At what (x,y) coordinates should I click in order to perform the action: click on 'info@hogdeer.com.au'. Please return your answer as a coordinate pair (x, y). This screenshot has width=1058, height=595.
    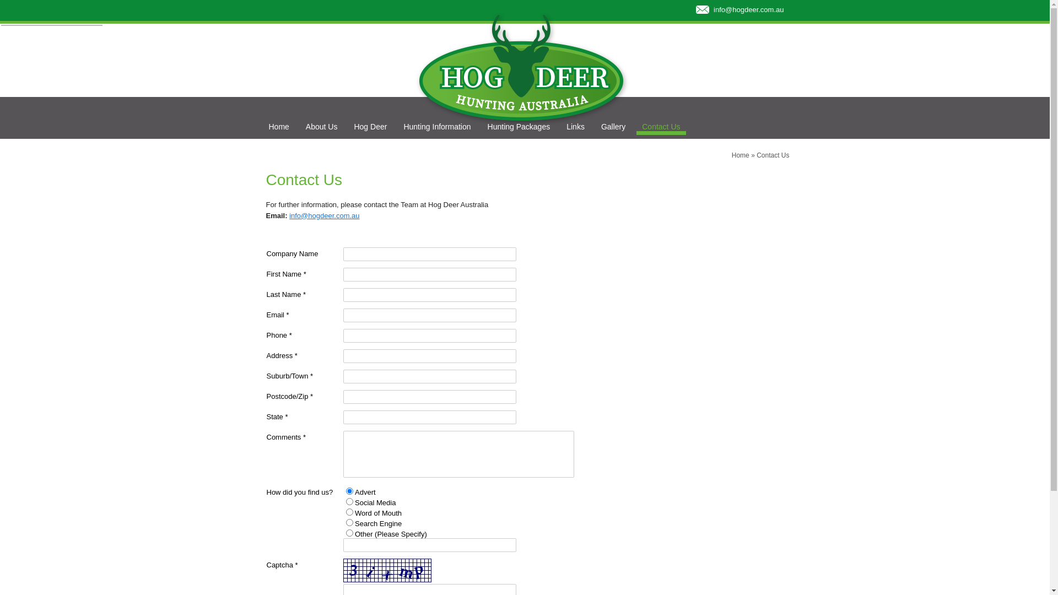
    Looking at the image, I should click on (323, 215).